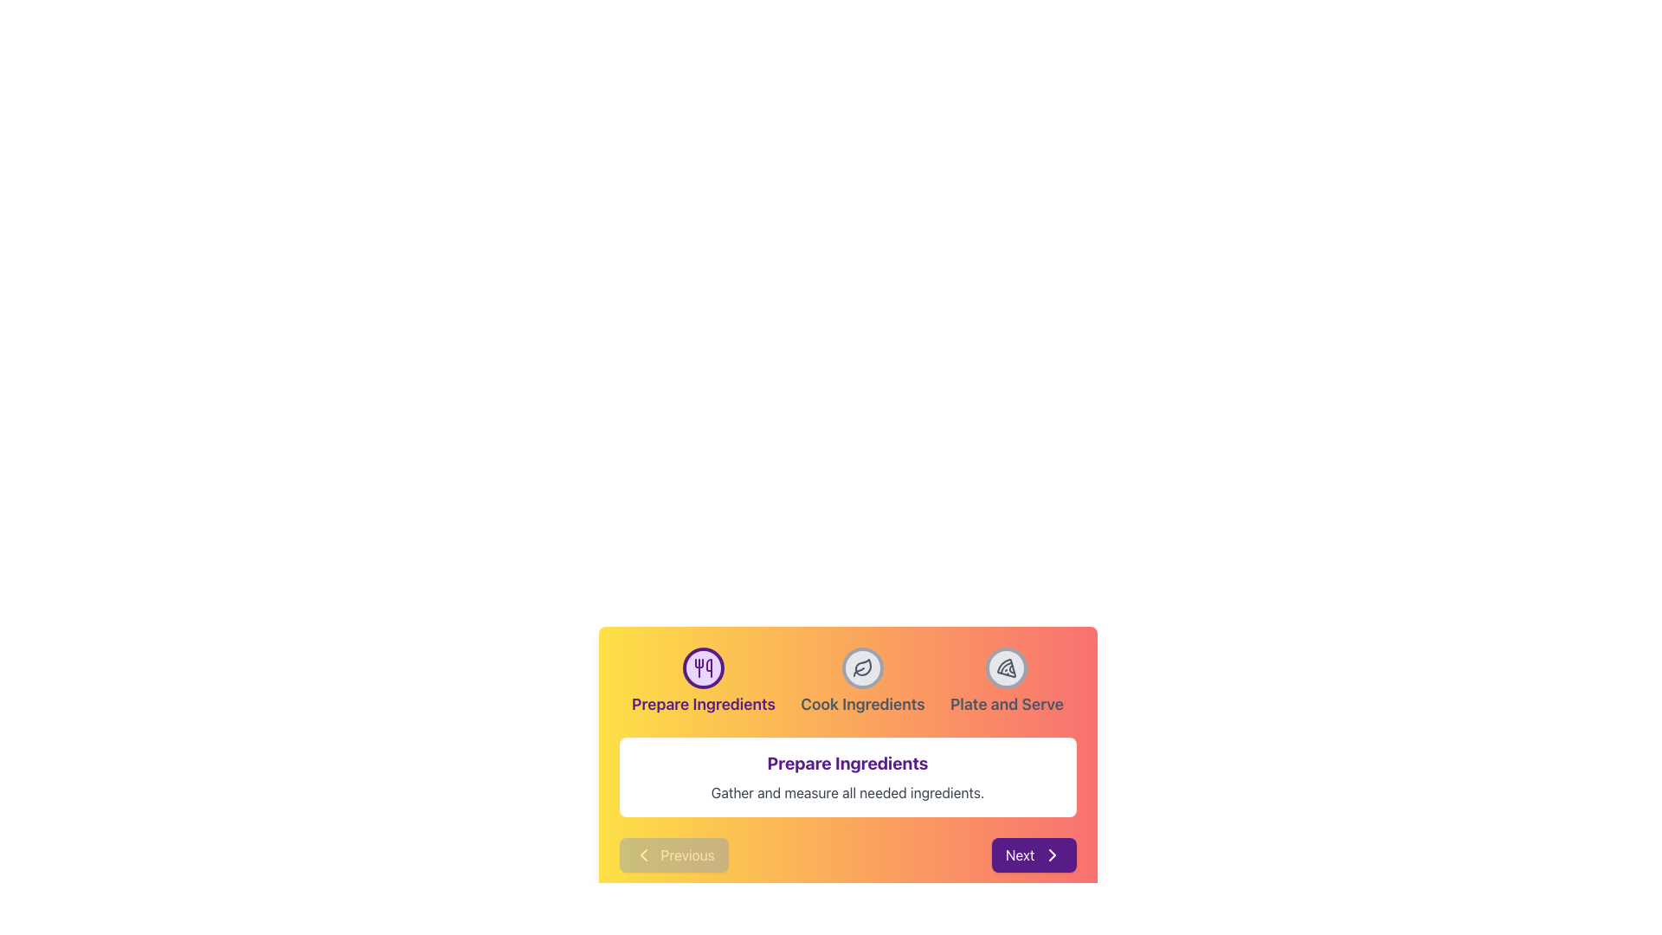  I want to click on the step indicator labeled 'Prepare Ingredients', so click(703, 680).